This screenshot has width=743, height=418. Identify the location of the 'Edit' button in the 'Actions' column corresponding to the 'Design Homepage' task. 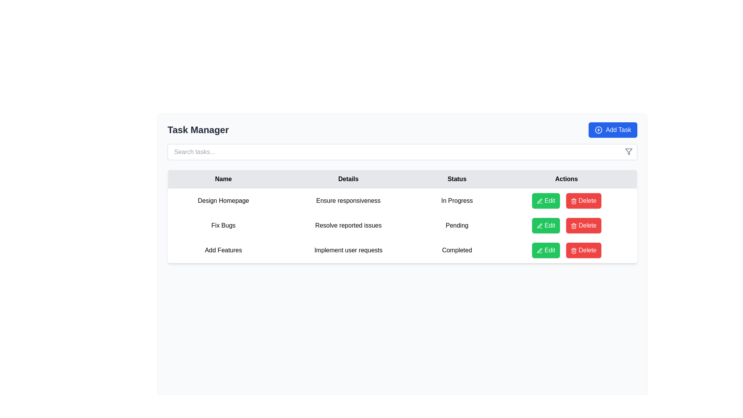
(545, 200).